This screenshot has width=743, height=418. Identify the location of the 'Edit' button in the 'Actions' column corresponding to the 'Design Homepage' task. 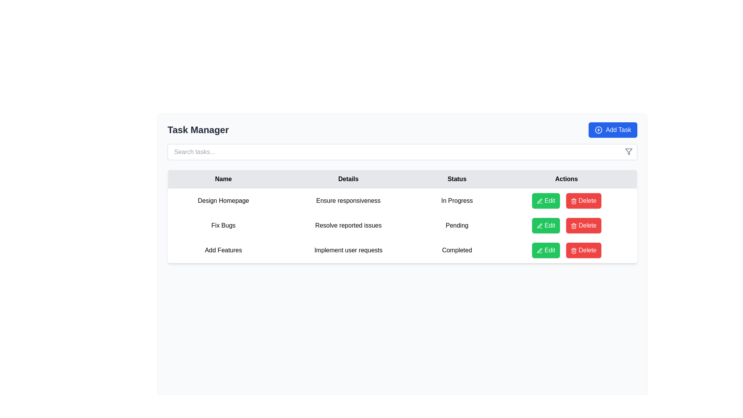
(545, 200).